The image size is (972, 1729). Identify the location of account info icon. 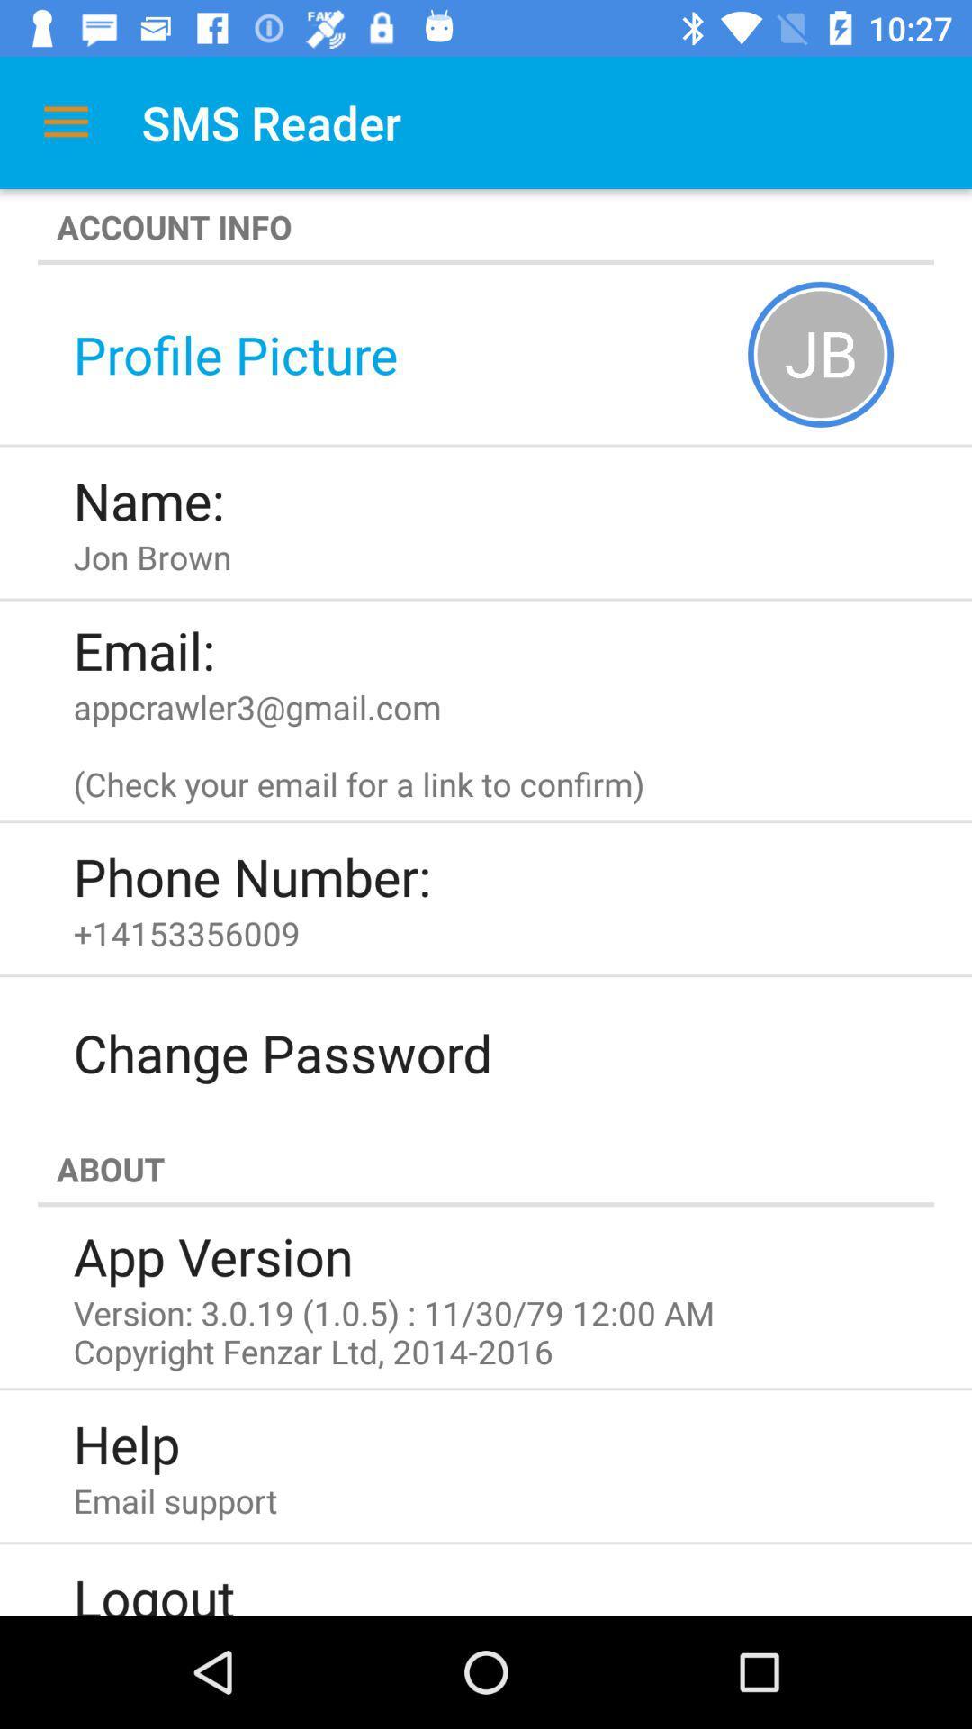
(486, 226).